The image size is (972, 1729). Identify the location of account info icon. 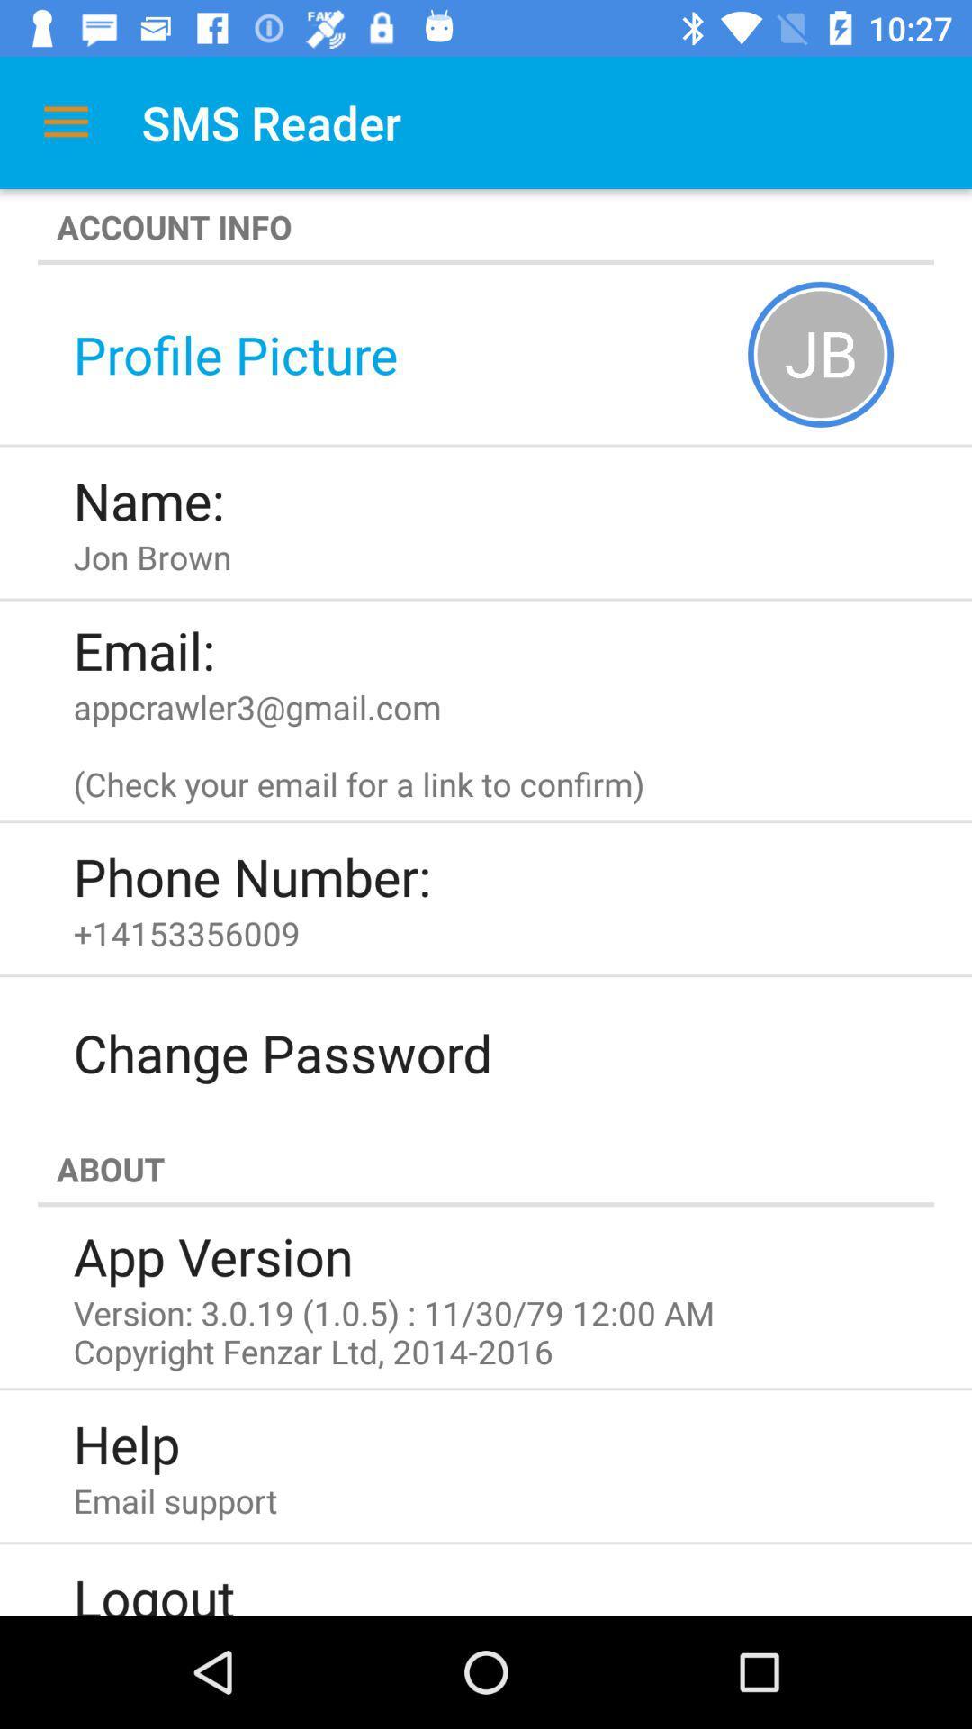
(486, 226).